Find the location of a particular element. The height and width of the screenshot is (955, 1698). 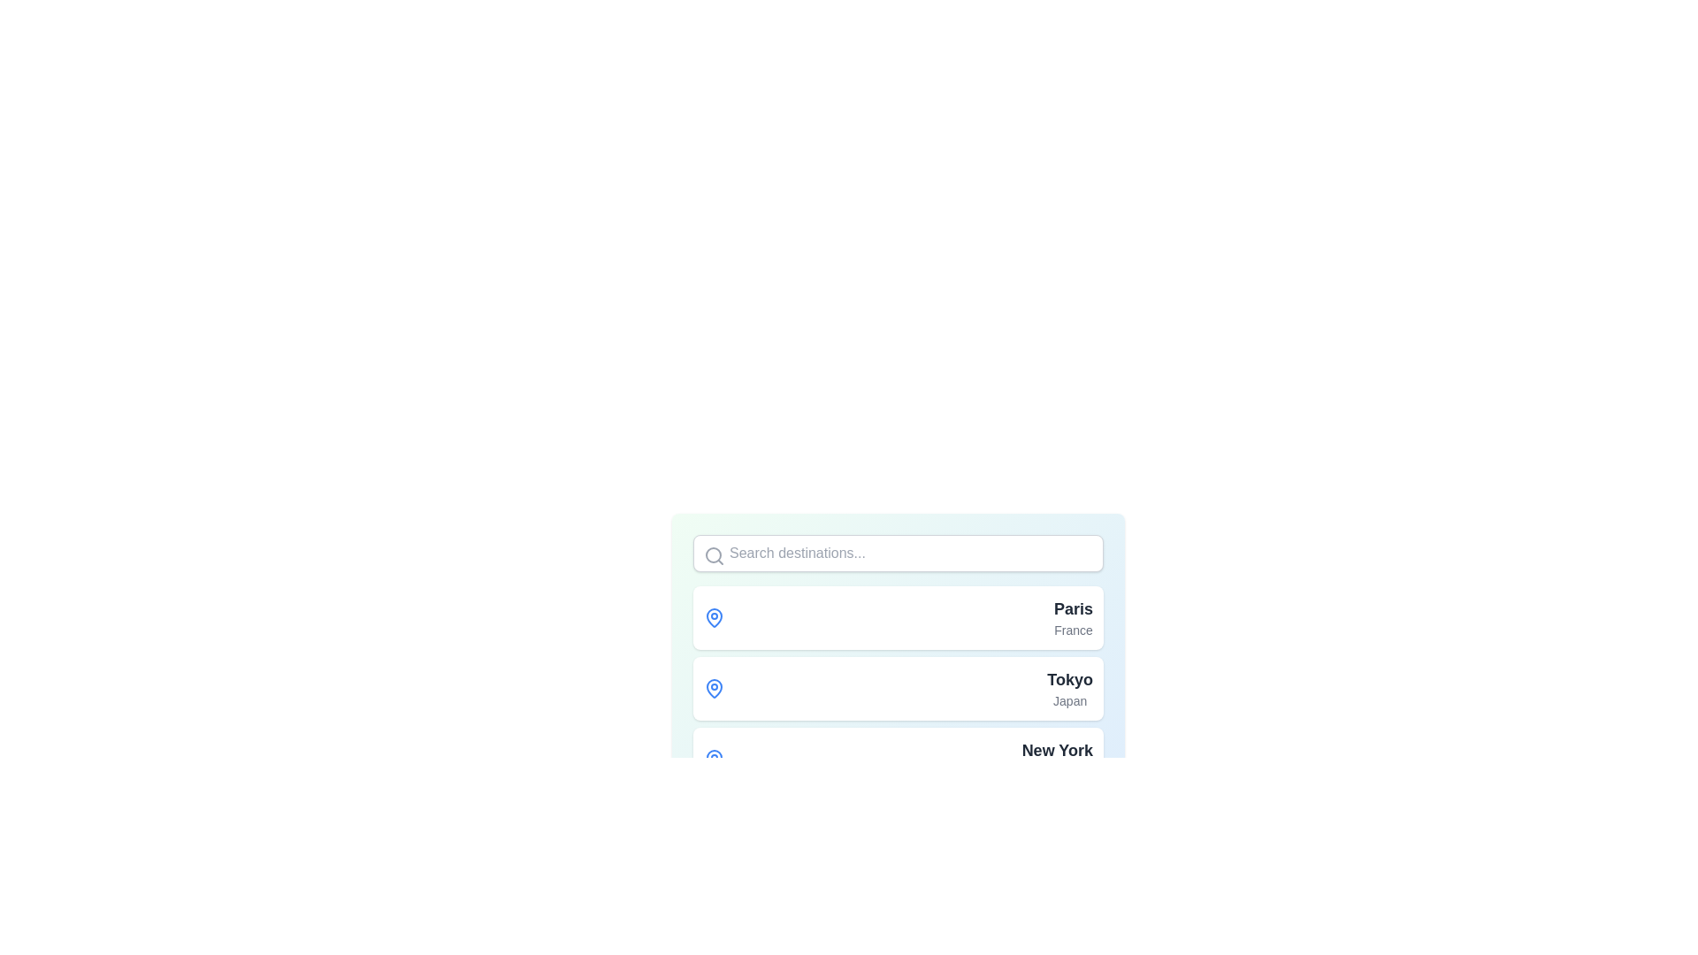

the first item in the list of destinations is located at coordinates (899, 616).